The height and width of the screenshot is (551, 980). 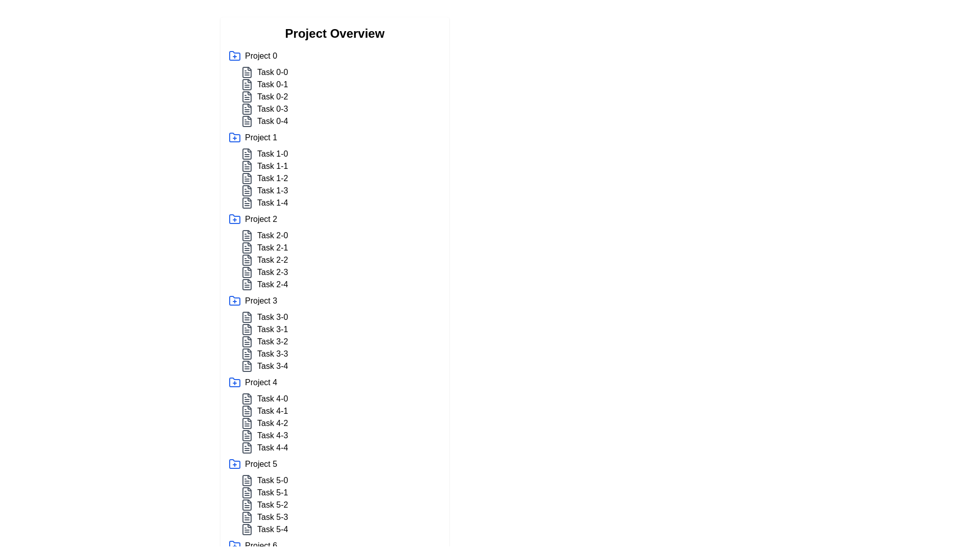 I want to click on the blue folder icon with a plus symbol located to the left of 'Project 4', so click(x=234, y=382).